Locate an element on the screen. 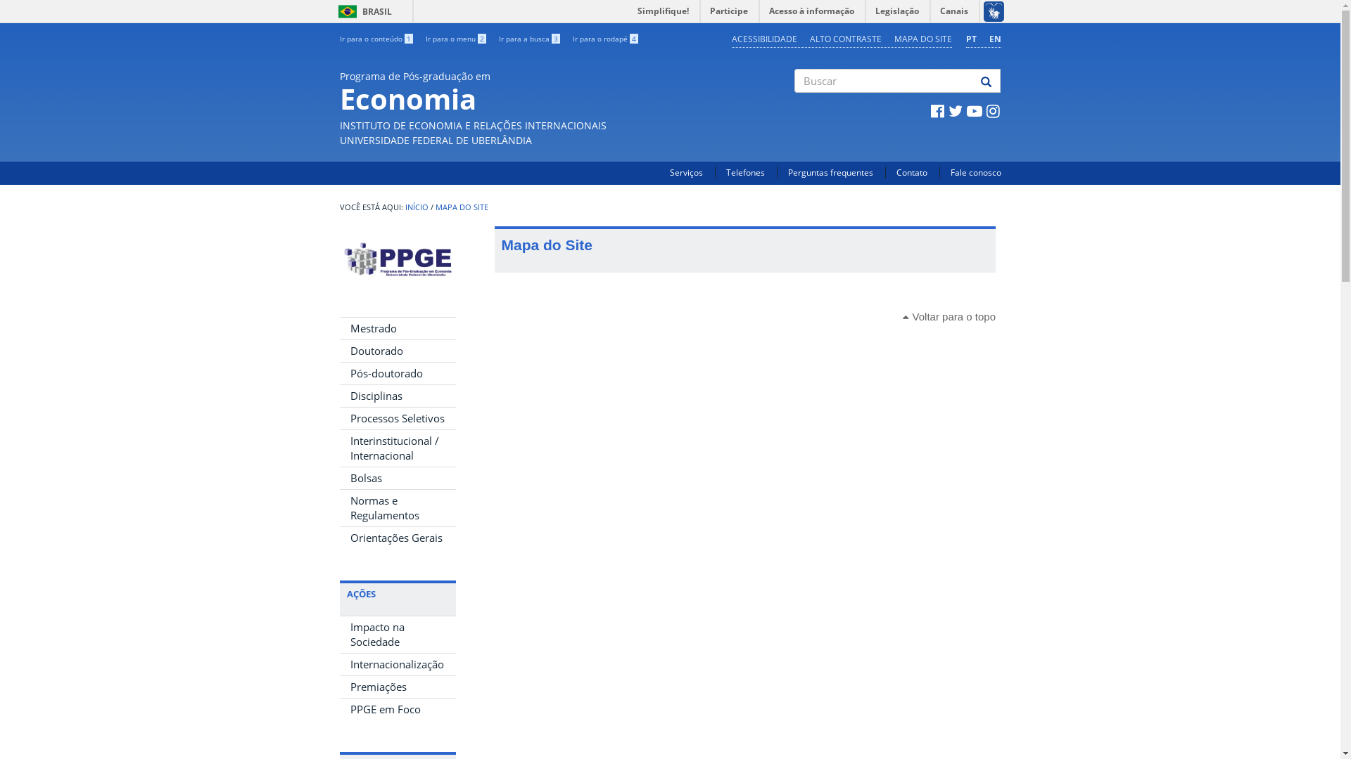 Image resolution: width=1351 pixels, height=759 pixels. 'Impacto na Sociedade' is located at coordinates (396, 634).